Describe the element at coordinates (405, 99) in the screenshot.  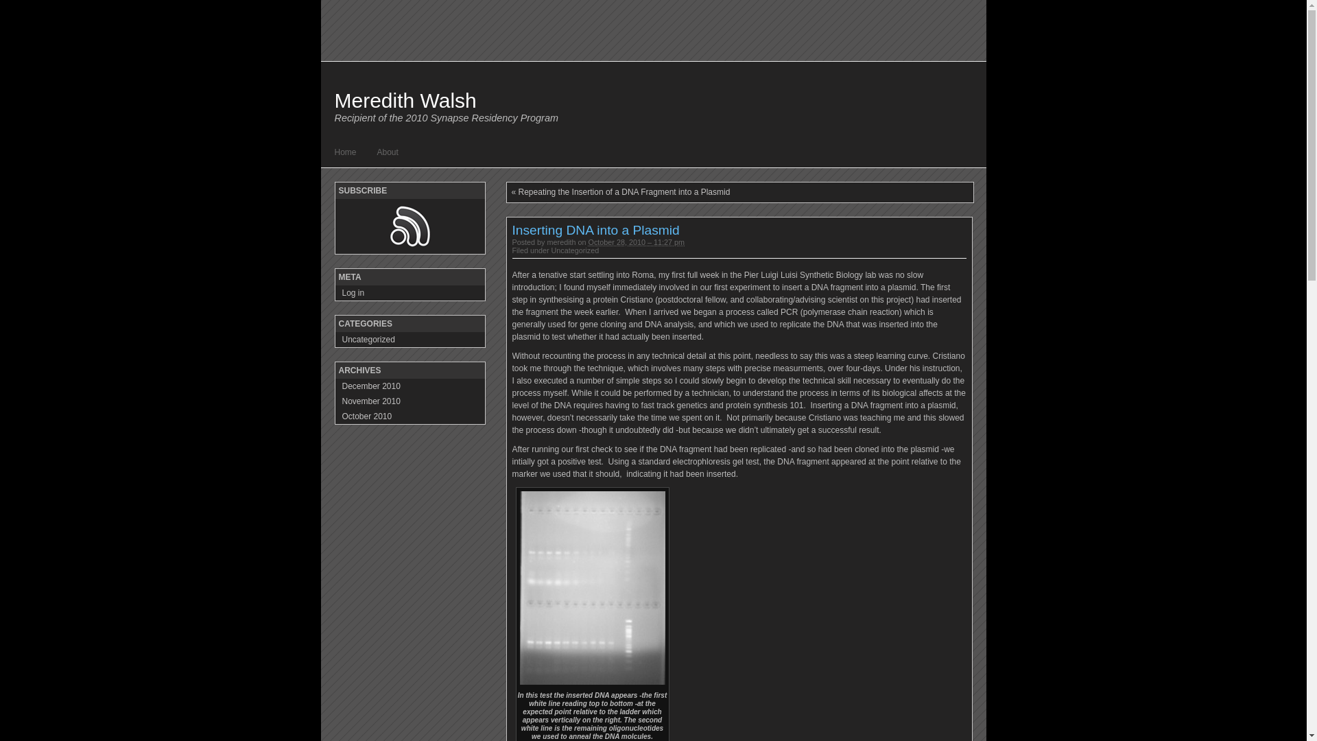
I see `'Meredith Walsh'` at that location.